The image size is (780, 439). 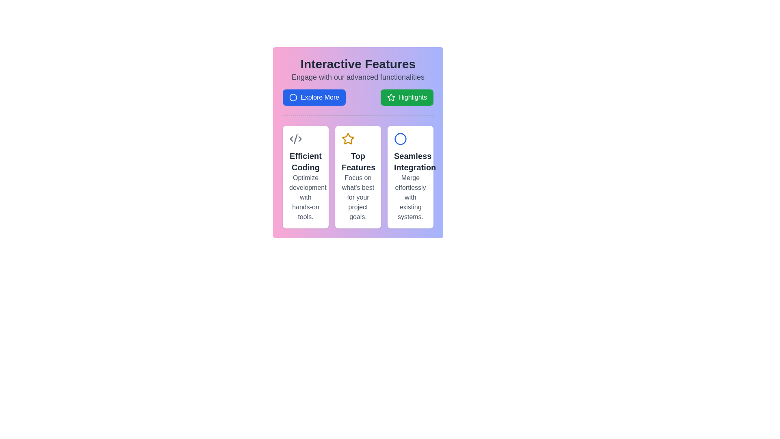 What do you see at coordinates (400, 139) in the screenshot?
I see `the blue-bordered circular icon with a white background associated with the 'Seamless Integration' feature located in the third column beneath its title and description` at bounding box center [400, 139].